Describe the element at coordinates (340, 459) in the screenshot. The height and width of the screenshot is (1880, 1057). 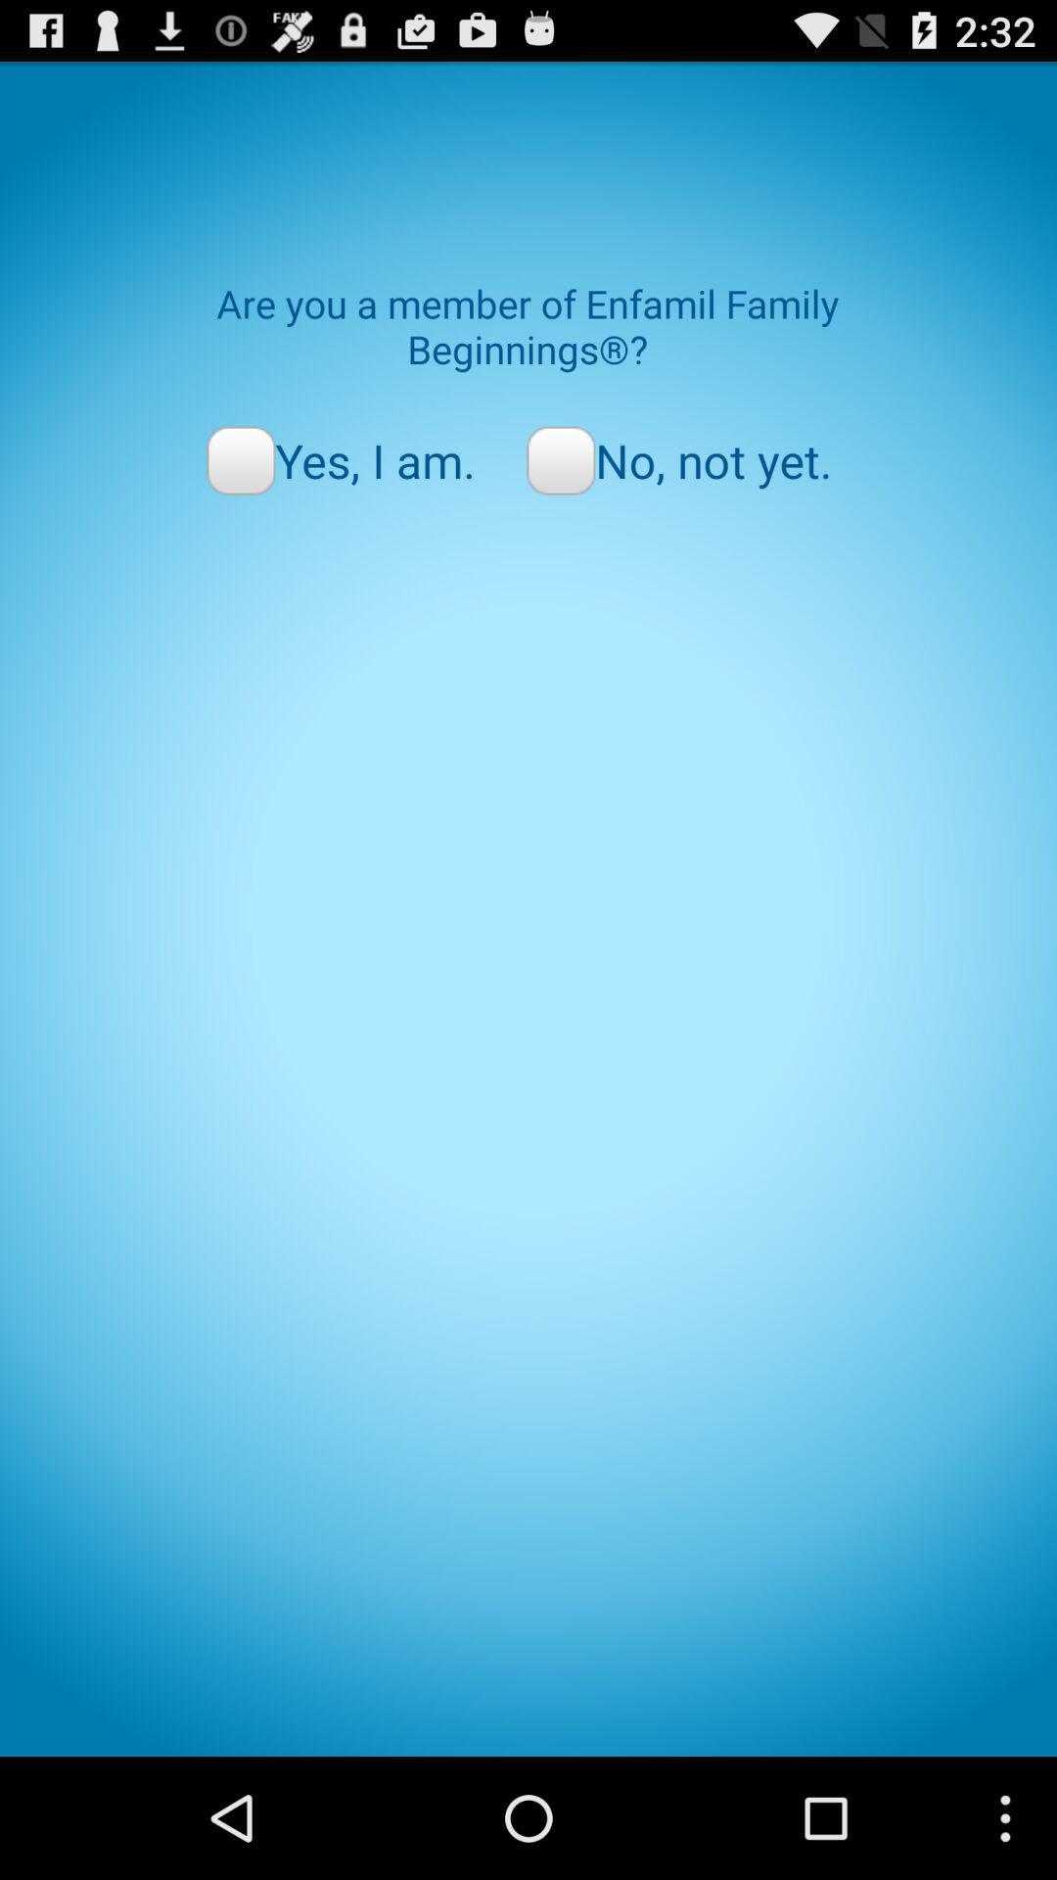
I see `the icon at the top left corner` at that location.